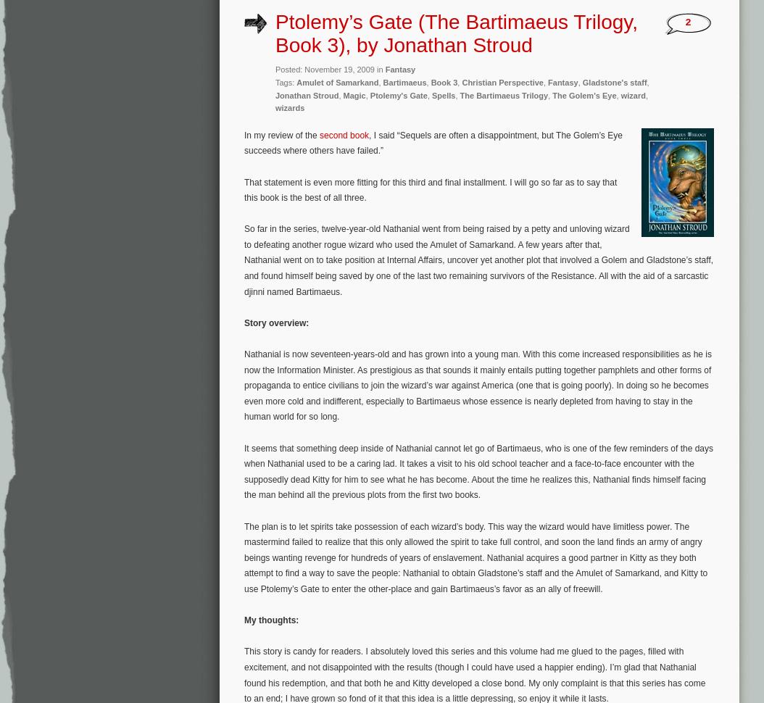 The image size is (764, 703). I want to click on 'Nathanial is now seventeen-years-old and has grown into a young man. With this come increased responsibilities as he is now the Information Minister. As prestigious as that sounds it mainly entails putting together pamphlets and other forms of propaganda to entice civilians to join the wizard’s war against America (one that is going poorly). In doing so he becomes even more cold and indifferent, especially to Bartimaeus whose essence is nearly depleted from having to stay in the human world for so long.', so click(478, 386).